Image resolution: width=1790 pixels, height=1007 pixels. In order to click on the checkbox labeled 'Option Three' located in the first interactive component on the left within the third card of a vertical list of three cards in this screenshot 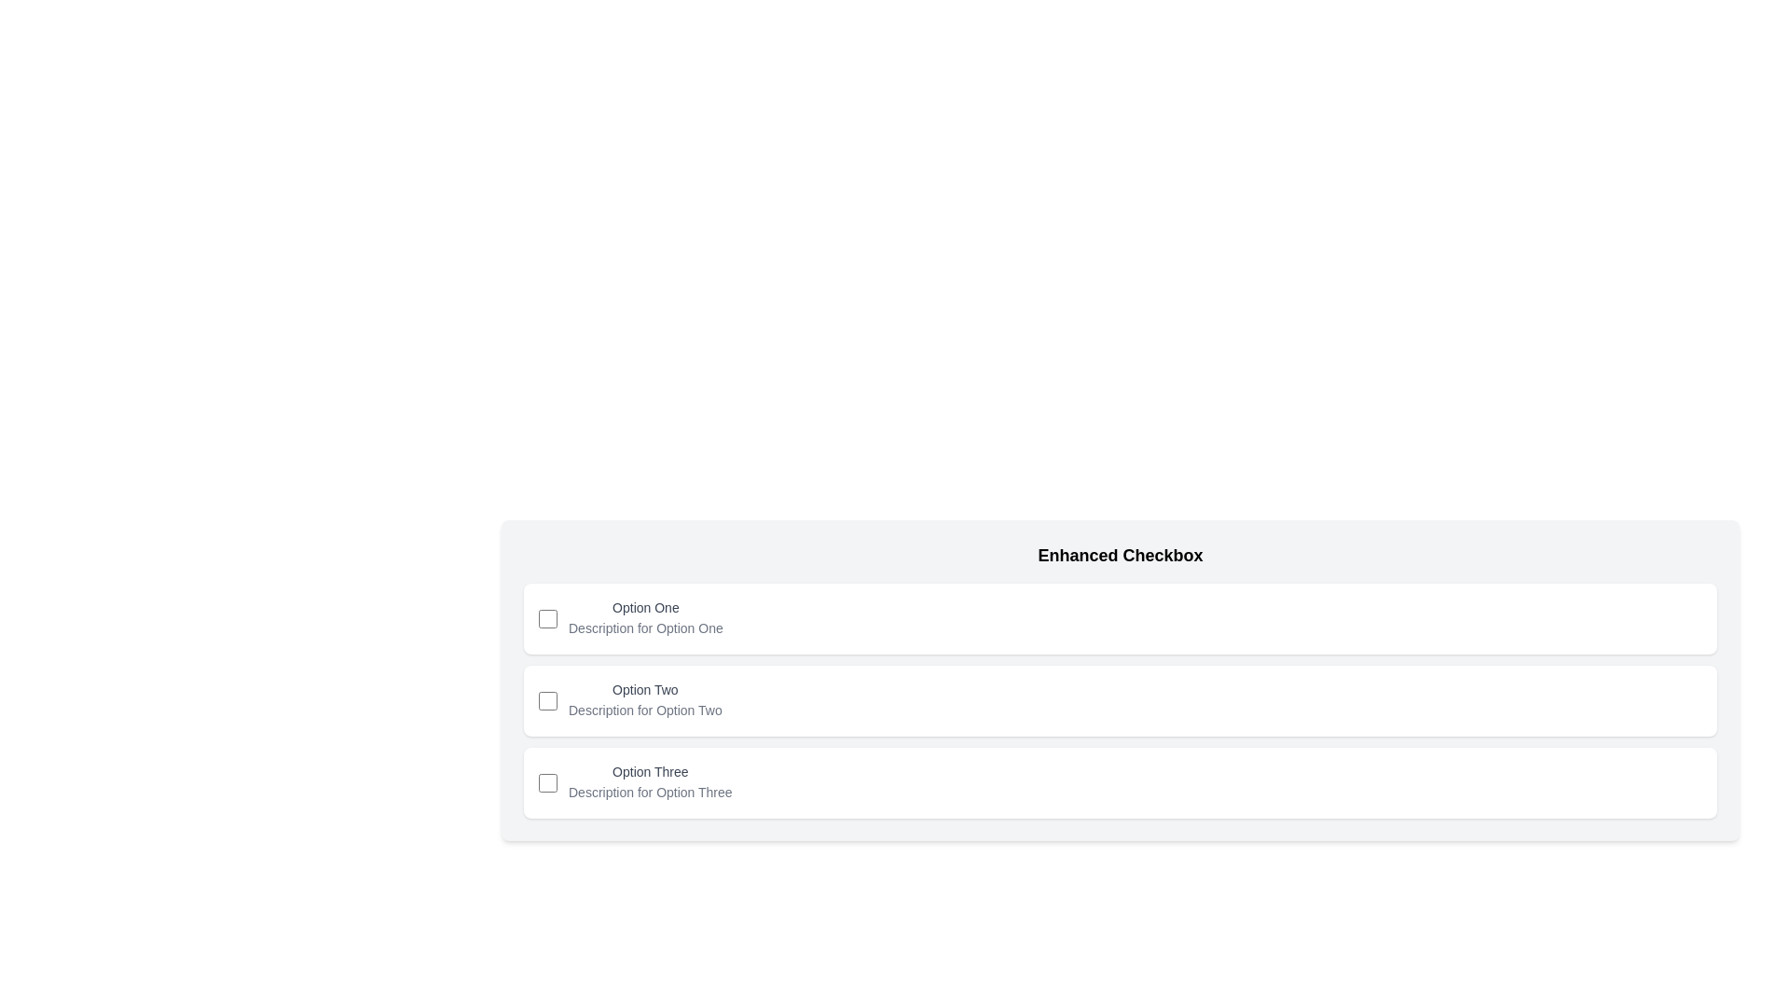, I will do `click(547, 783)`.